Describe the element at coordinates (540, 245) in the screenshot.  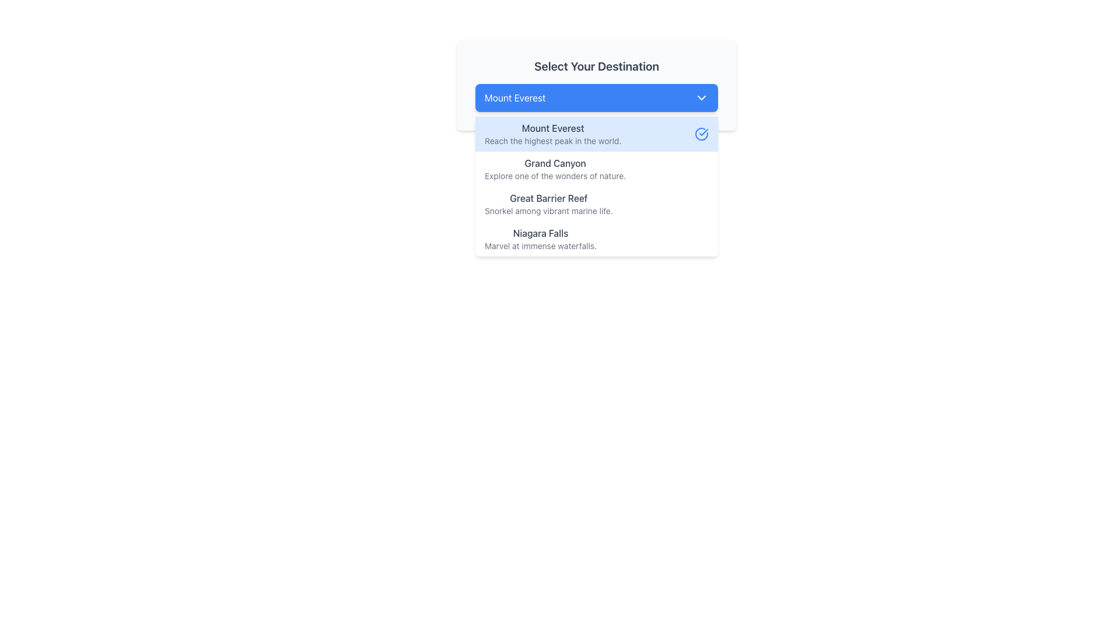
I see `the static descriptive text providing additional context about 'Niagara Falls' in the dropdown list, located directly below the heading text 'Niagara Falls'` at that location.